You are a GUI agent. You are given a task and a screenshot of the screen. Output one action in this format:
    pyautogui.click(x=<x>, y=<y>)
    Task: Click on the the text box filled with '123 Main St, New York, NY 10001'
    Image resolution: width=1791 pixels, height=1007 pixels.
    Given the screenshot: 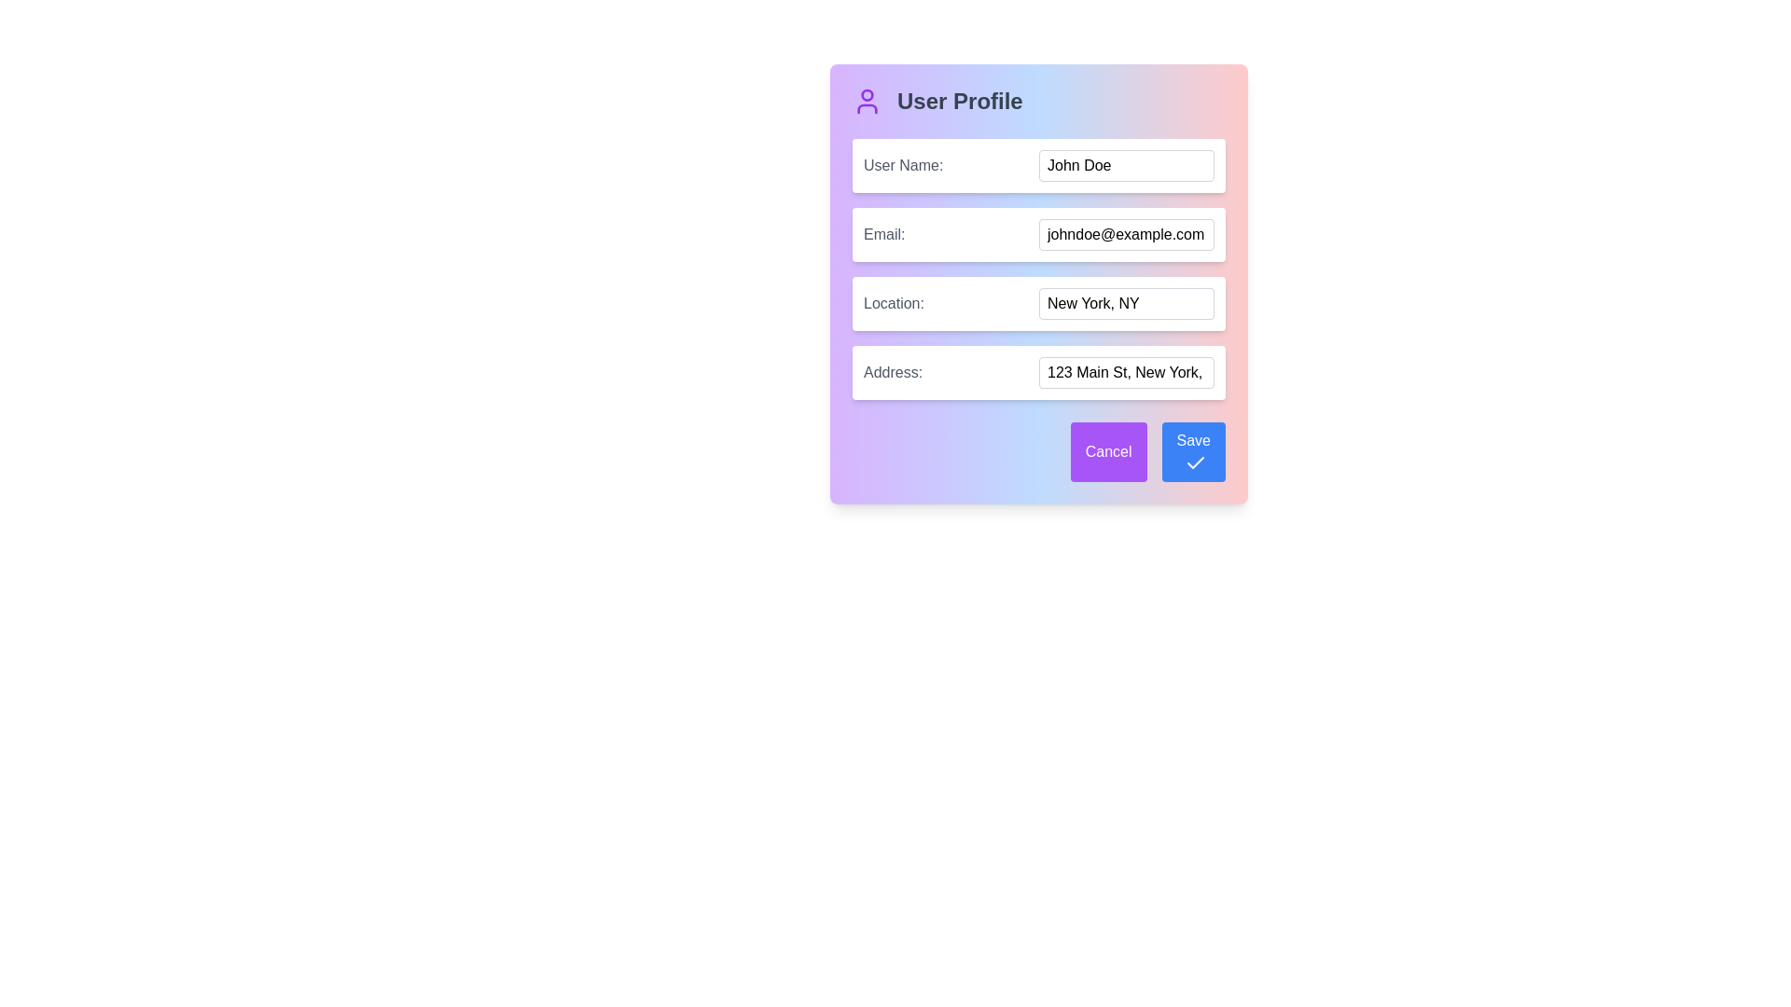 What is the action you would take?
    pyautogui.click(x=1037, y=373)
    